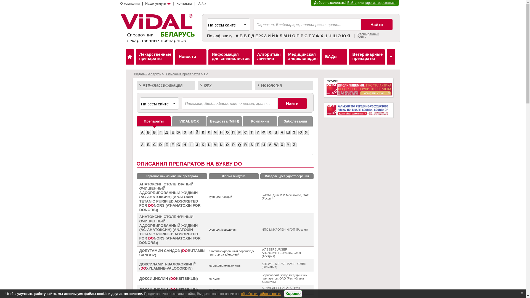 The image size is (530, 298). What do you see at coordinates (522, 292) in the screenshot?
I see `'x'` at bounding box center [522, 292].